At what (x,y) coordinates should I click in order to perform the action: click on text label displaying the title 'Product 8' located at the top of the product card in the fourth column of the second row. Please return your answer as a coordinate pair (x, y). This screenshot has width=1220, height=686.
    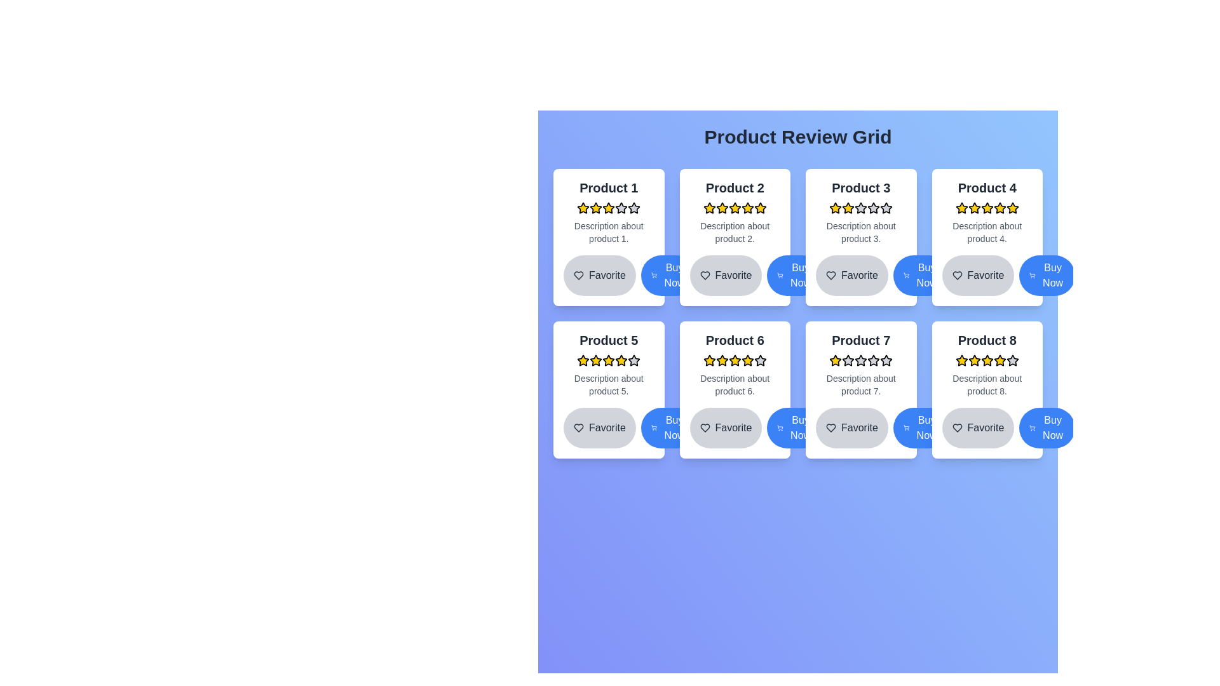
    Looking at the image, I should click on (986, 340).